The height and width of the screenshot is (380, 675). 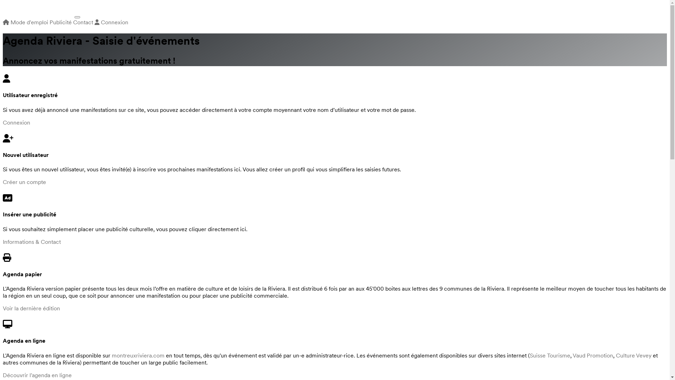 What do you see at coordinates (17, 122) in the screenshot?
I see `'Connexion'` at bounding box center [17, 122].